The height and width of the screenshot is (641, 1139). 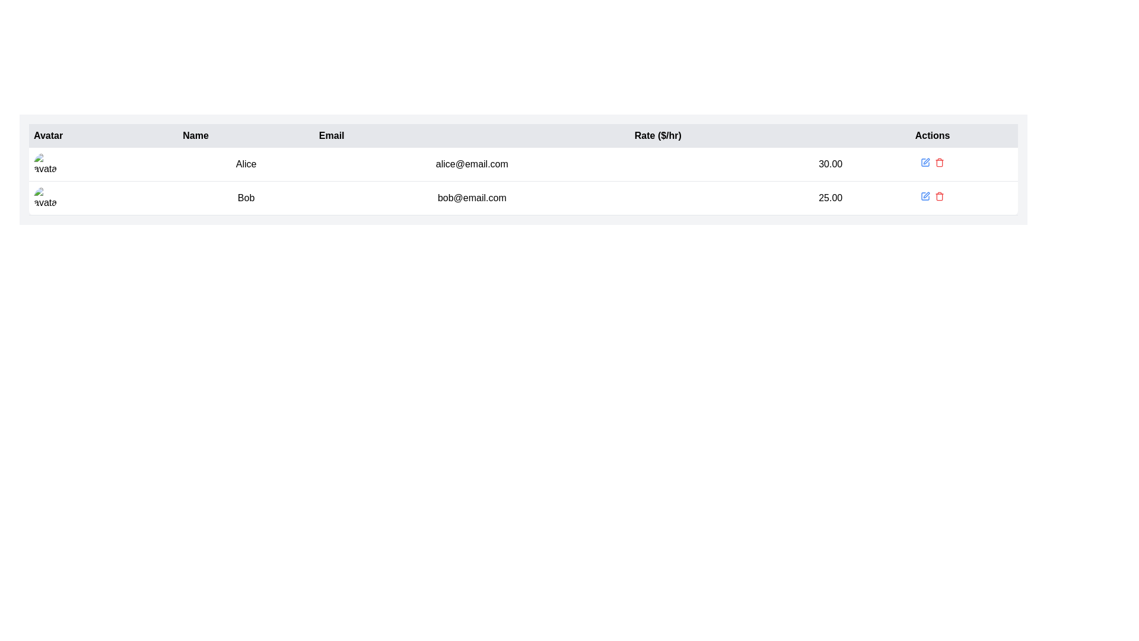 I want to click on the edit icon in the actions cell of the second row of the table to initiate an edit action, so click(x=926, y=194).